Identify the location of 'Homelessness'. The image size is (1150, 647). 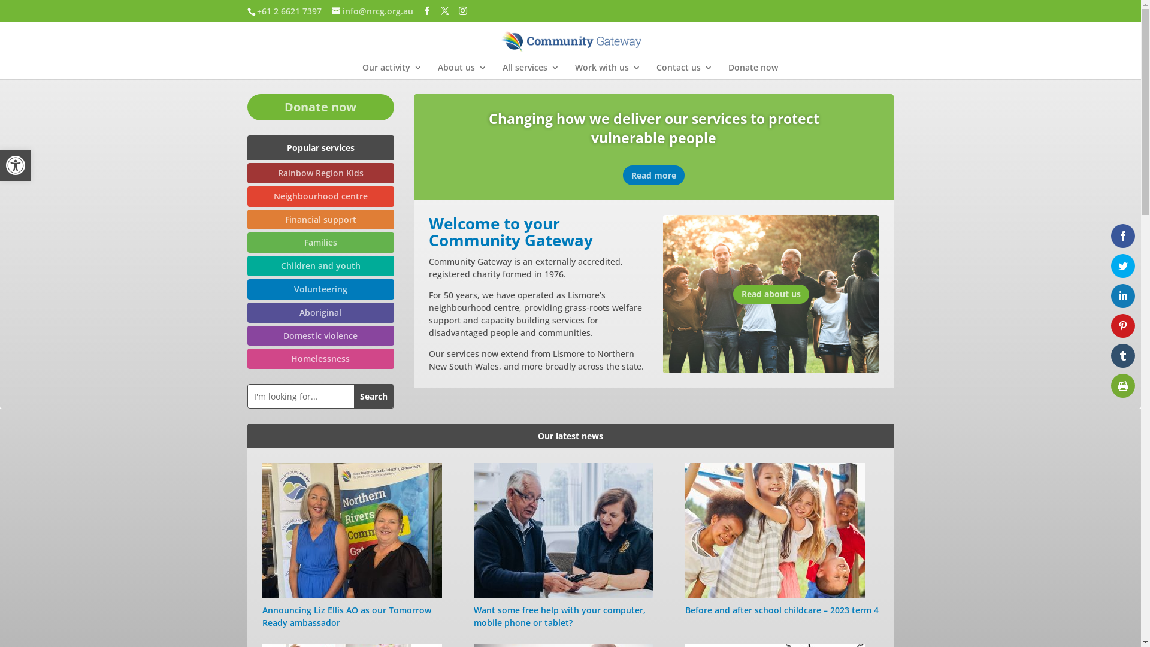
(320, 358).